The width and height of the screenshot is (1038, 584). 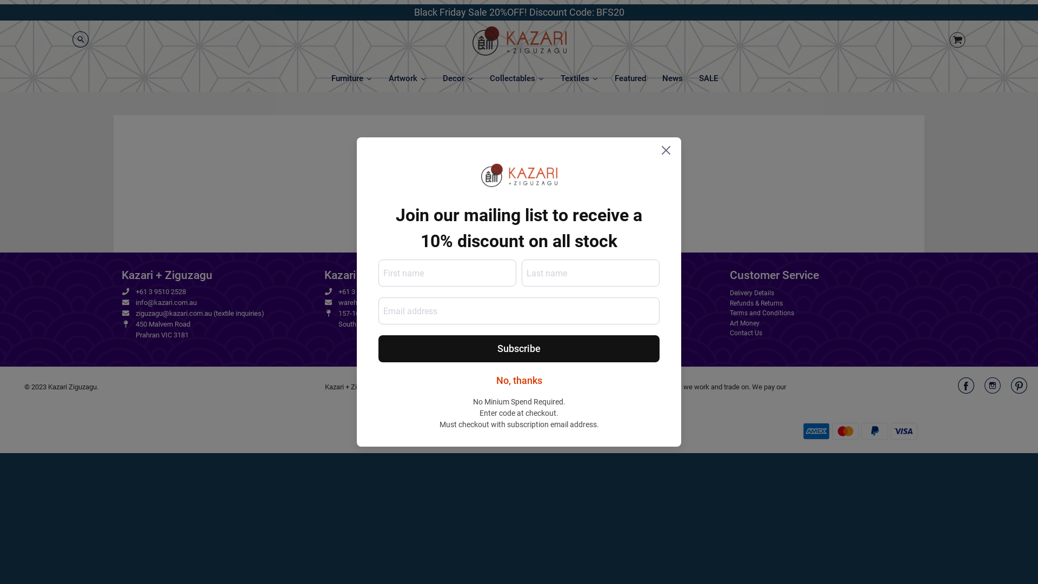 What do you see at coordinates (966, 388) in the screenshot?
I see `'Kazari Ziguzagu on Facebook'` at bounding box center [966, 388].